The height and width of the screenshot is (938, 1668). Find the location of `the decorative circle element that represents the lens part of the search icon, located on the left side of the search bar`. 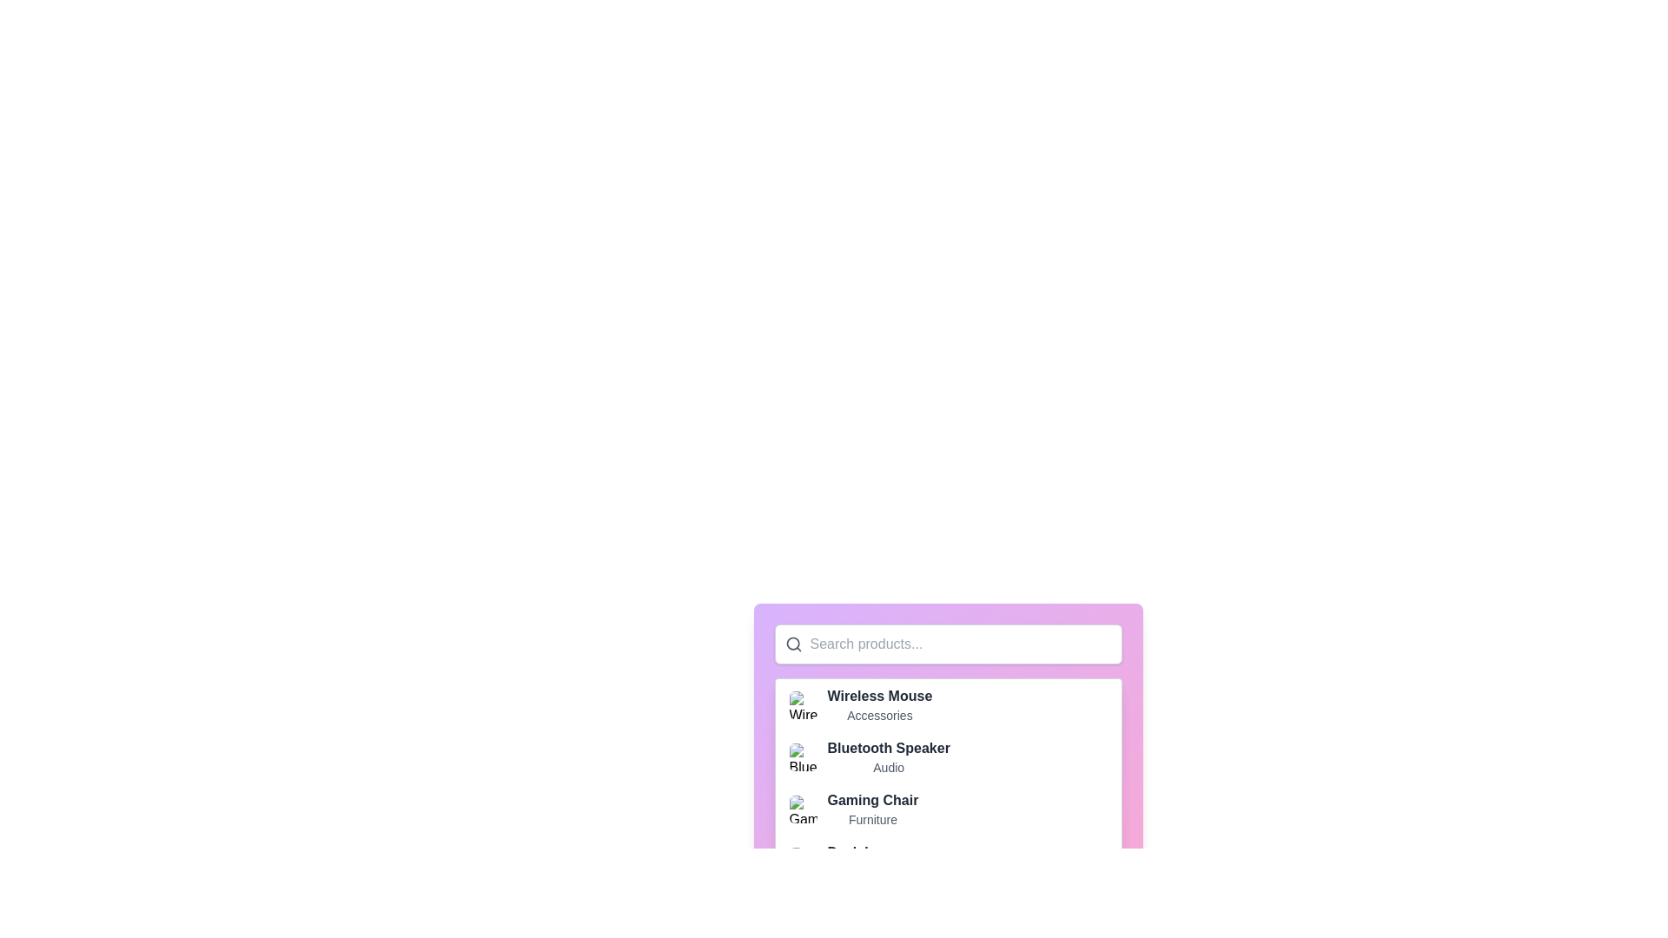

the decorative circle element that represents the lens part of the search icon, located on the left side of the search bar is located at coordinates (791, 644).